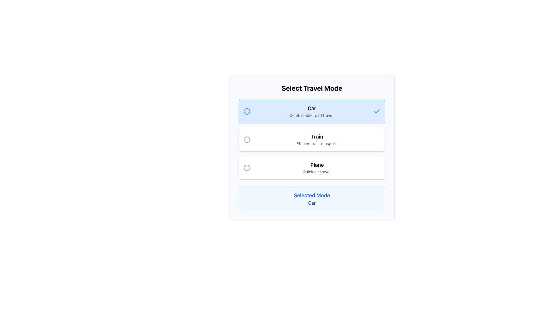  Describe the element at coordinates (247, 111) in the screenshot. I see `the state of the SVG Circle element styled with a blue stroke, representing the 'Car' option in the travel mode selection interface` at that location.